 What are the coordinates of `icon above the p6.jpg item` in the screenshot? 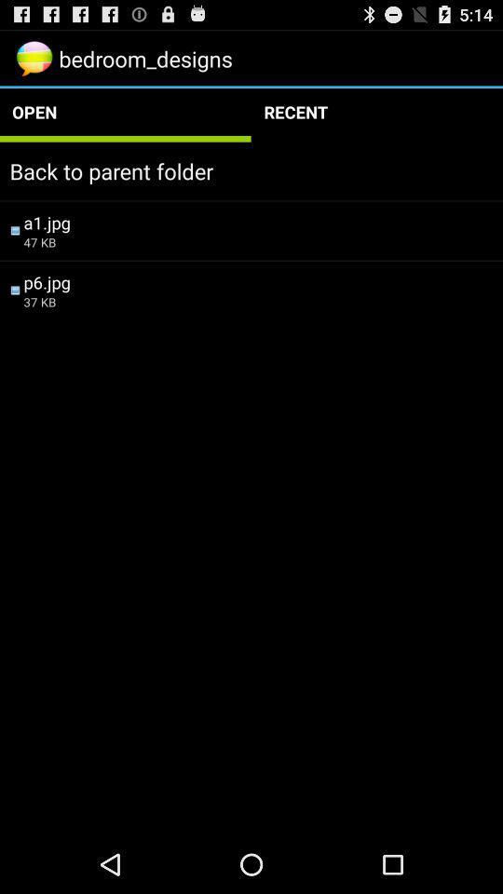 It's located at (257, 241).